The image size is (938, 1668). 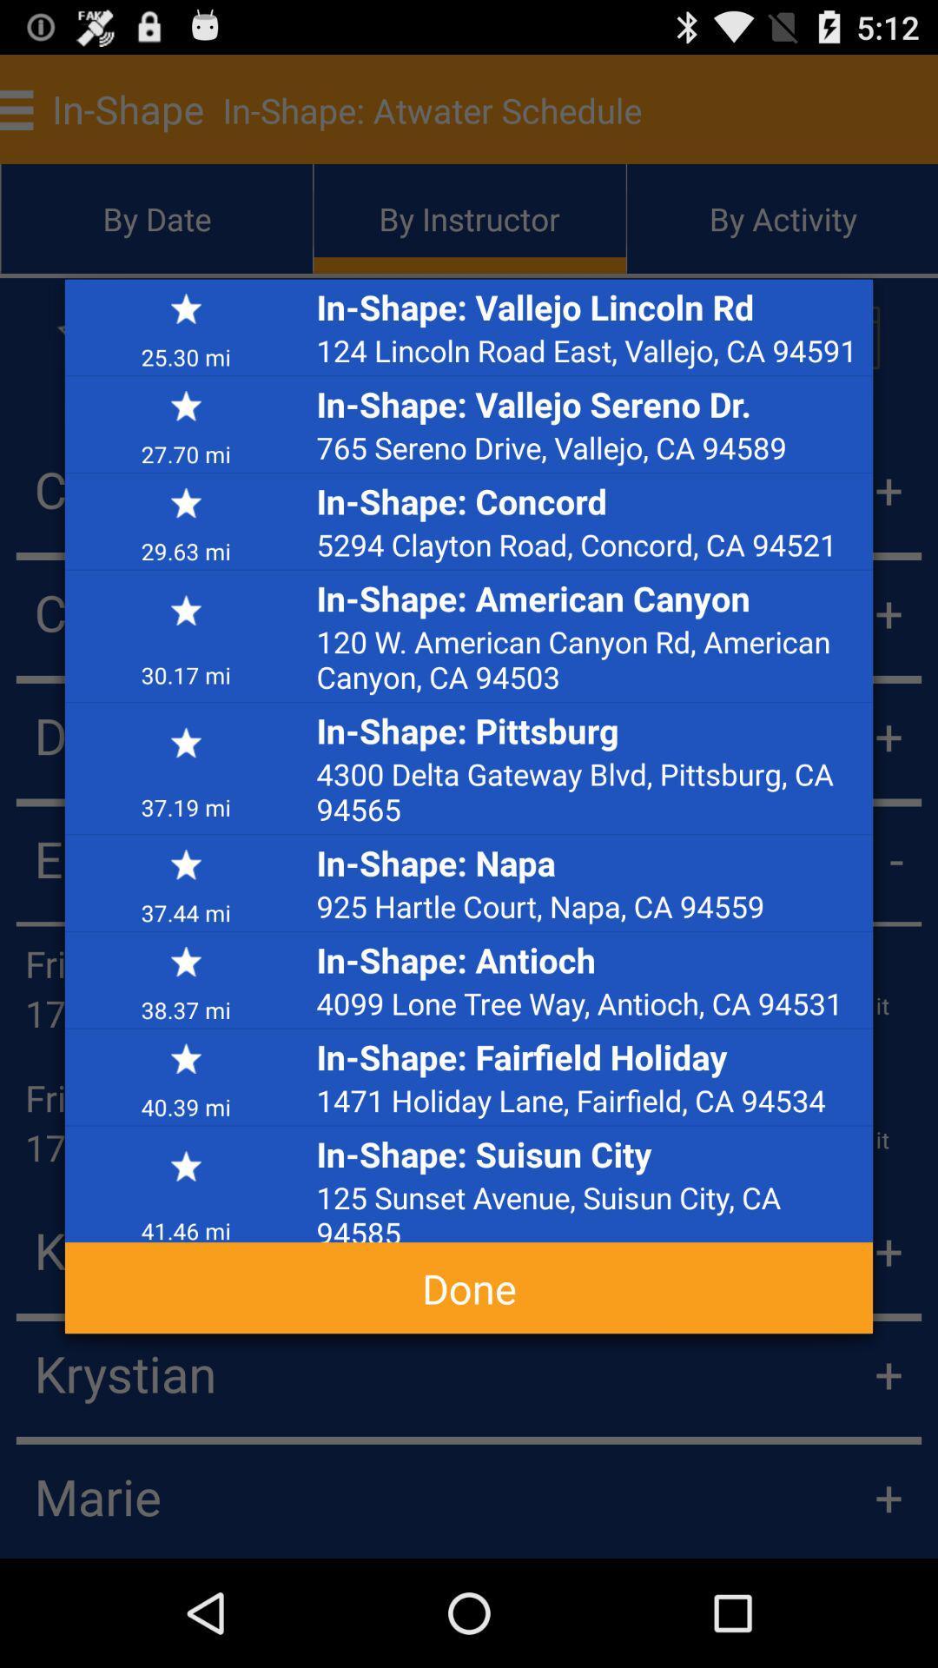 What do you see at coordinates (589, 791) in the screenshot?
I see `the 4300 delta gateway item` at bounding box center [589, 791].